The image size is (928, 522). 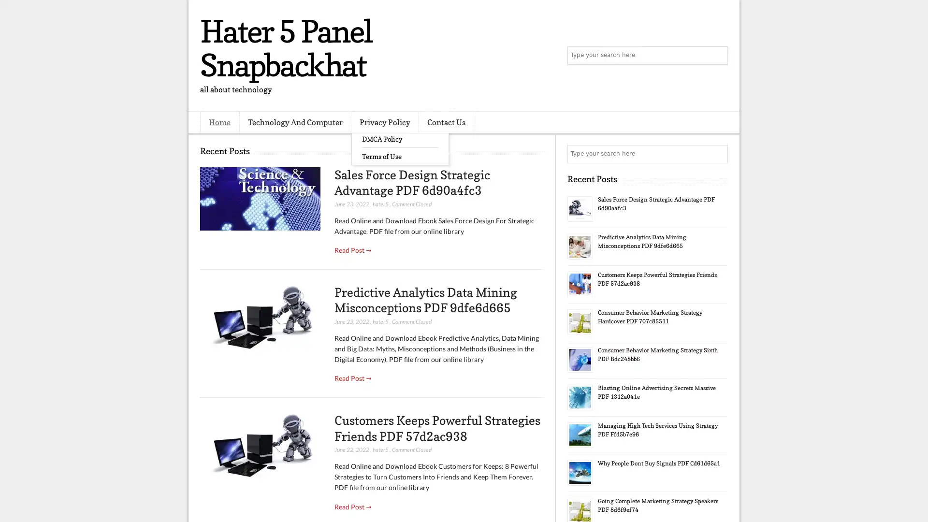 I want to click on Search, so click(x=718, y=154).